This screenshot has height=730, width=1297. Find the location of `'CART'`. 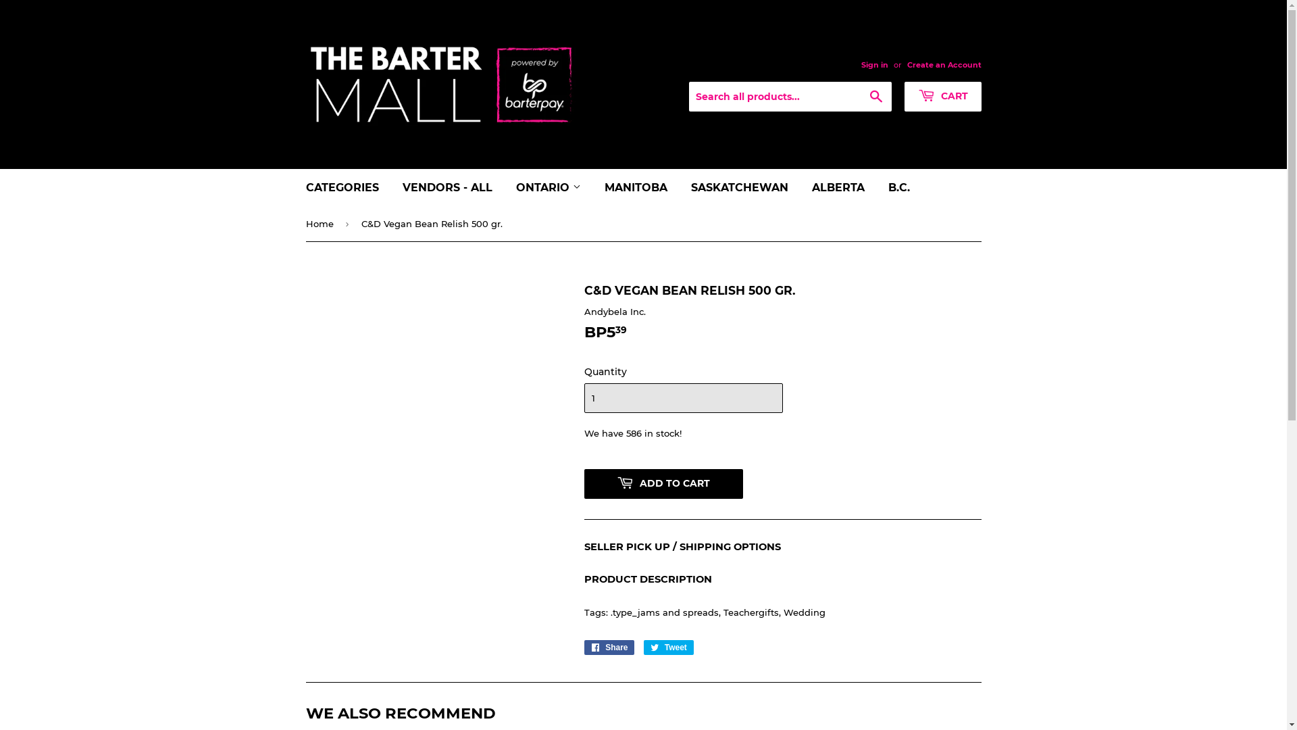

'CART' is located at coordinates (942, 95).